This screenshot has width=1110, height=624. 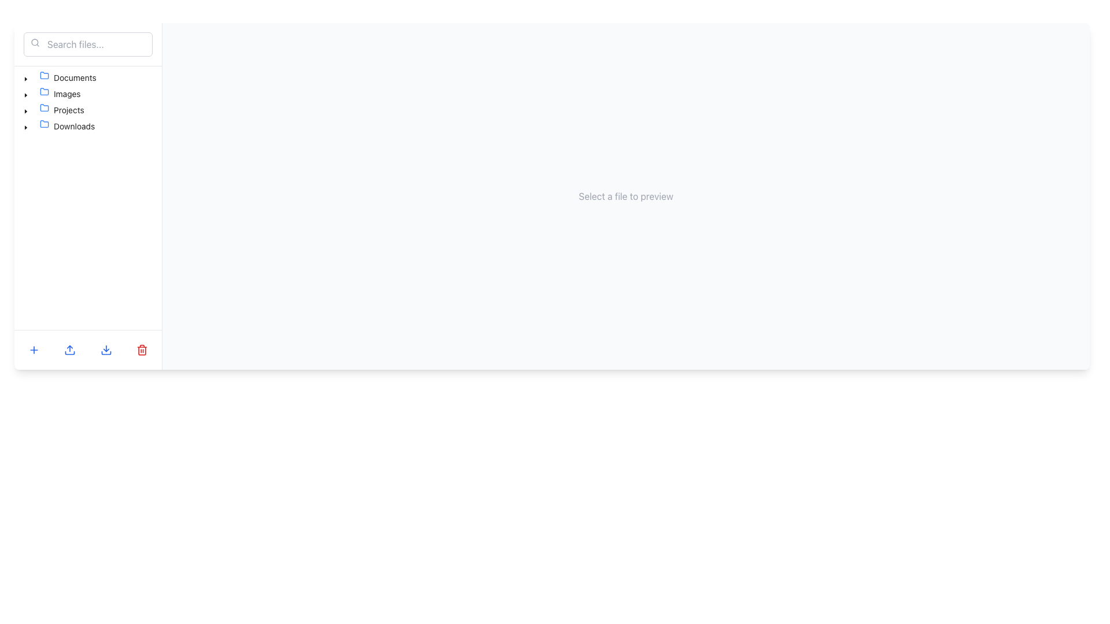 I want to click on the black caret-down icon located next to the 'Projects' folder, so click(x=25, y=111).